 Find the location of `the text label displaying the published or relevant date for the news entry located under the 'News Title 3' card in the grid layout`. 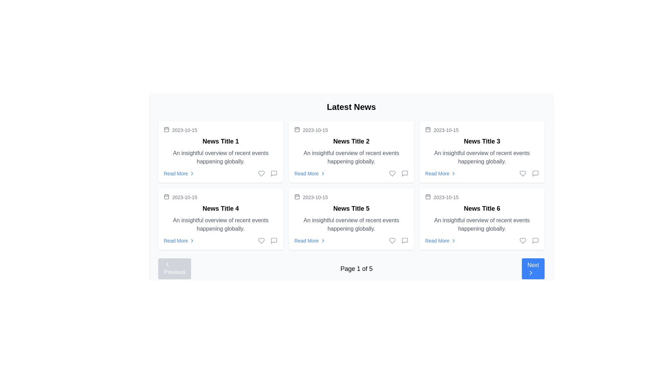

the text label displaying the published or relevant date for the news entry located under the 'News Title 3' card in the grid layout is located at coordinates (446, 130).